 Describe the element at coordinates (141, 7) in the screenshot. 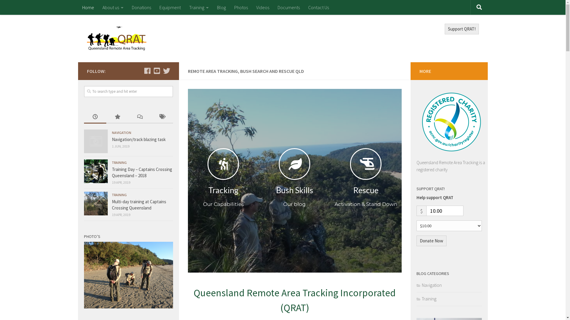

I see `'Donations'` at that location.